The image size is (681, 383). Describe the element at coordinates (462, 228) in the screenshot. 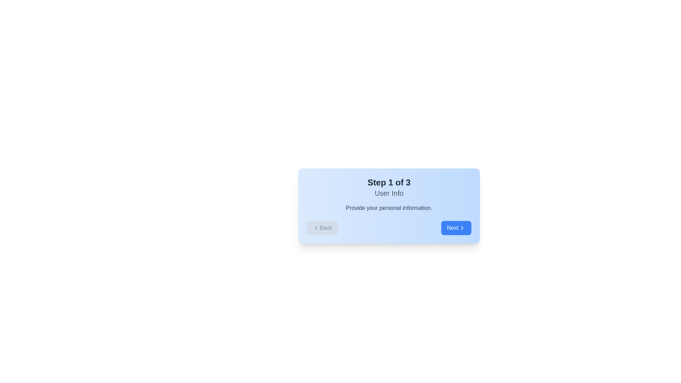

I see `the right-pointing chevron icon within the 'Next' button` at that location.